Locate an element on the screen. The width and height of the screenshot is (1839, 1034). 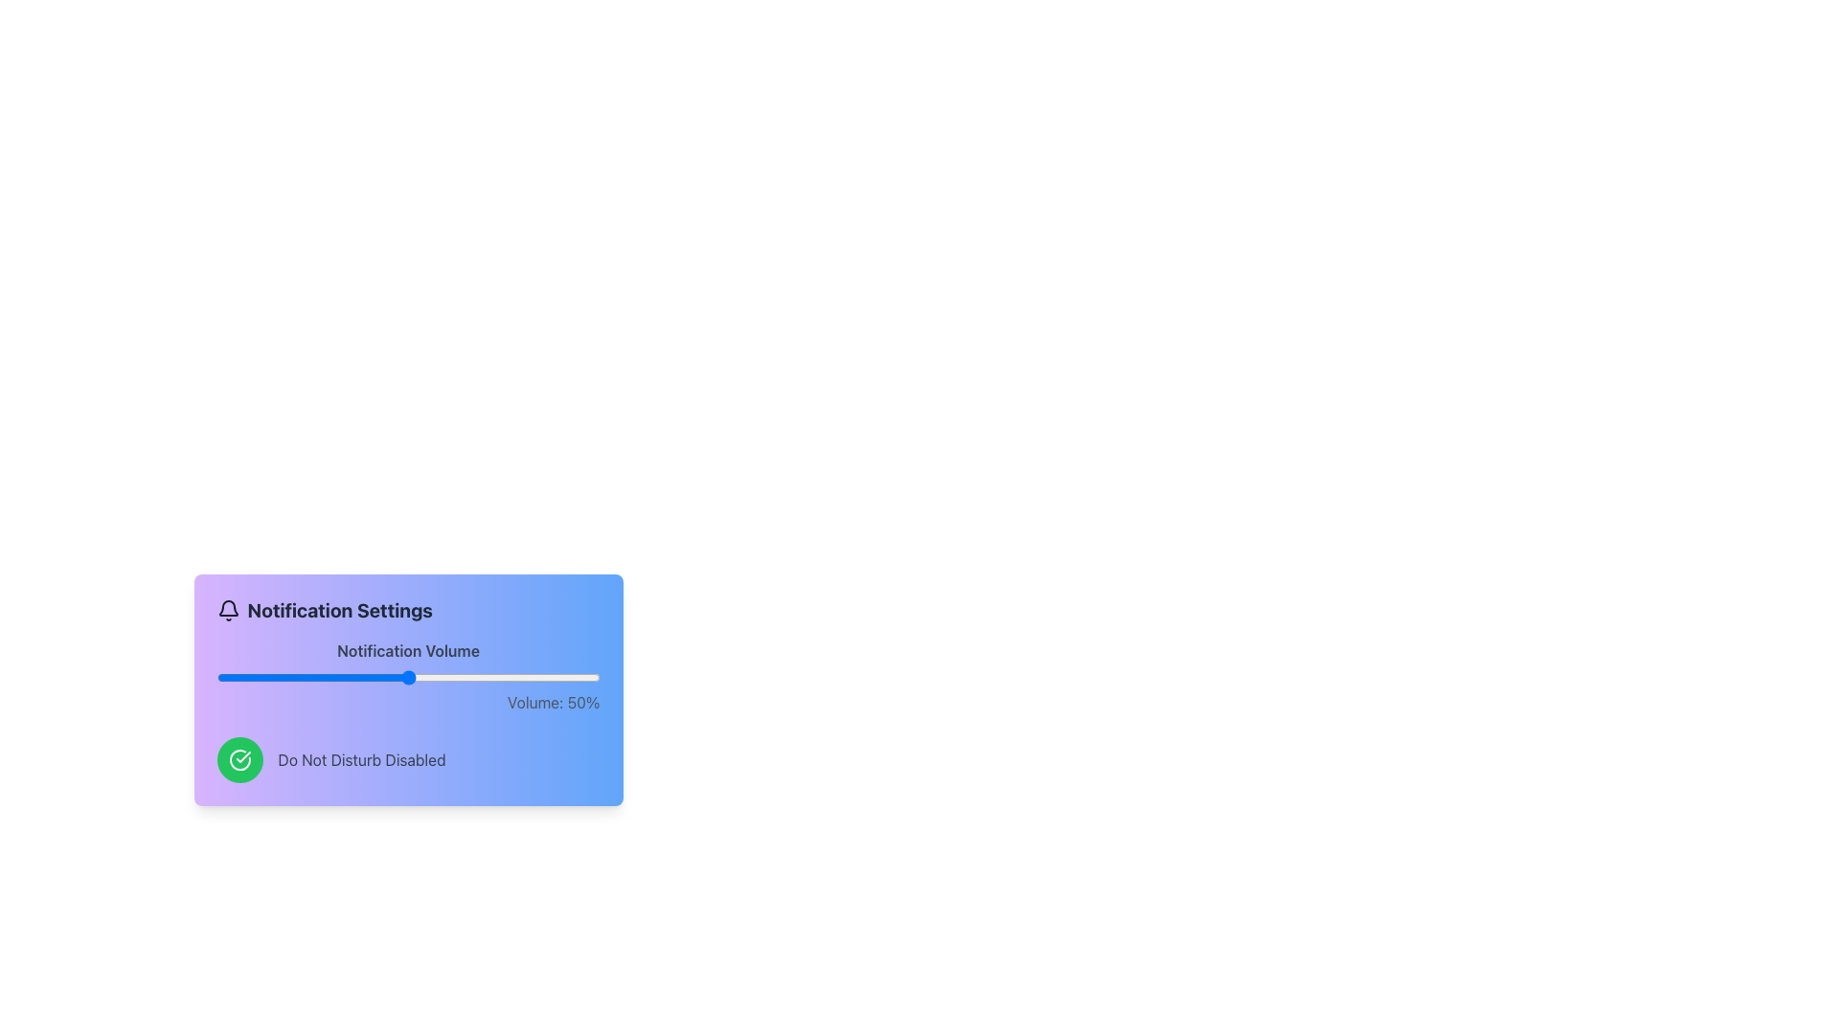
the notification volume is located at coordinates (415, 677).